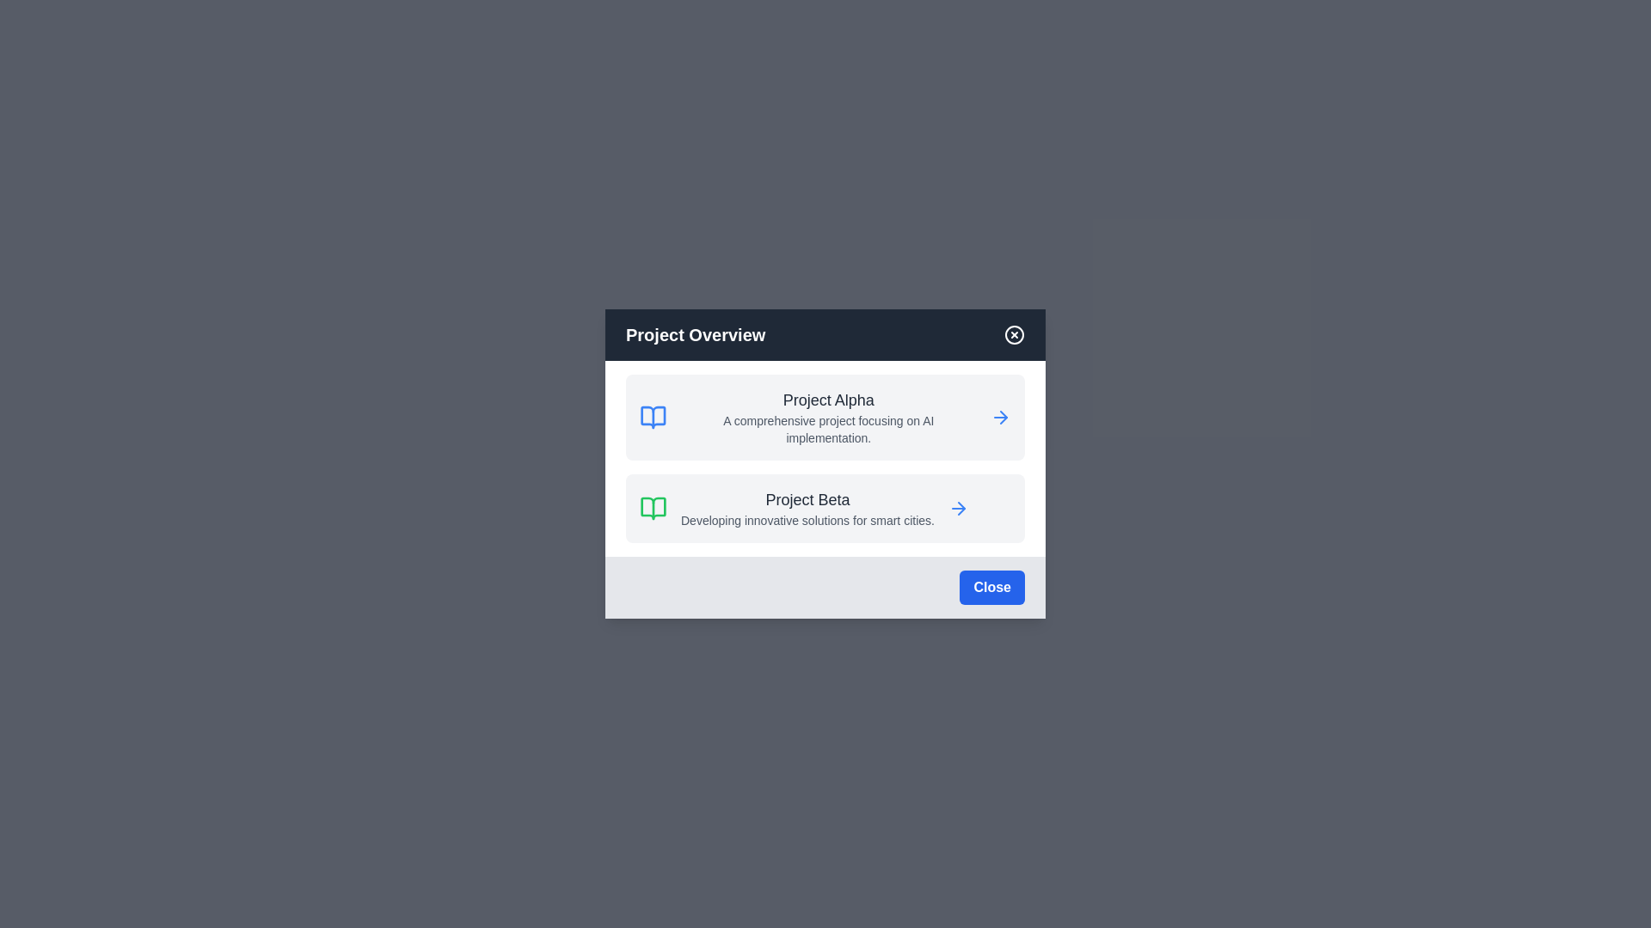  Describe the element at coordinates (652, 507) in the screenshot. I see `the project icon for Project Beta` at that location.